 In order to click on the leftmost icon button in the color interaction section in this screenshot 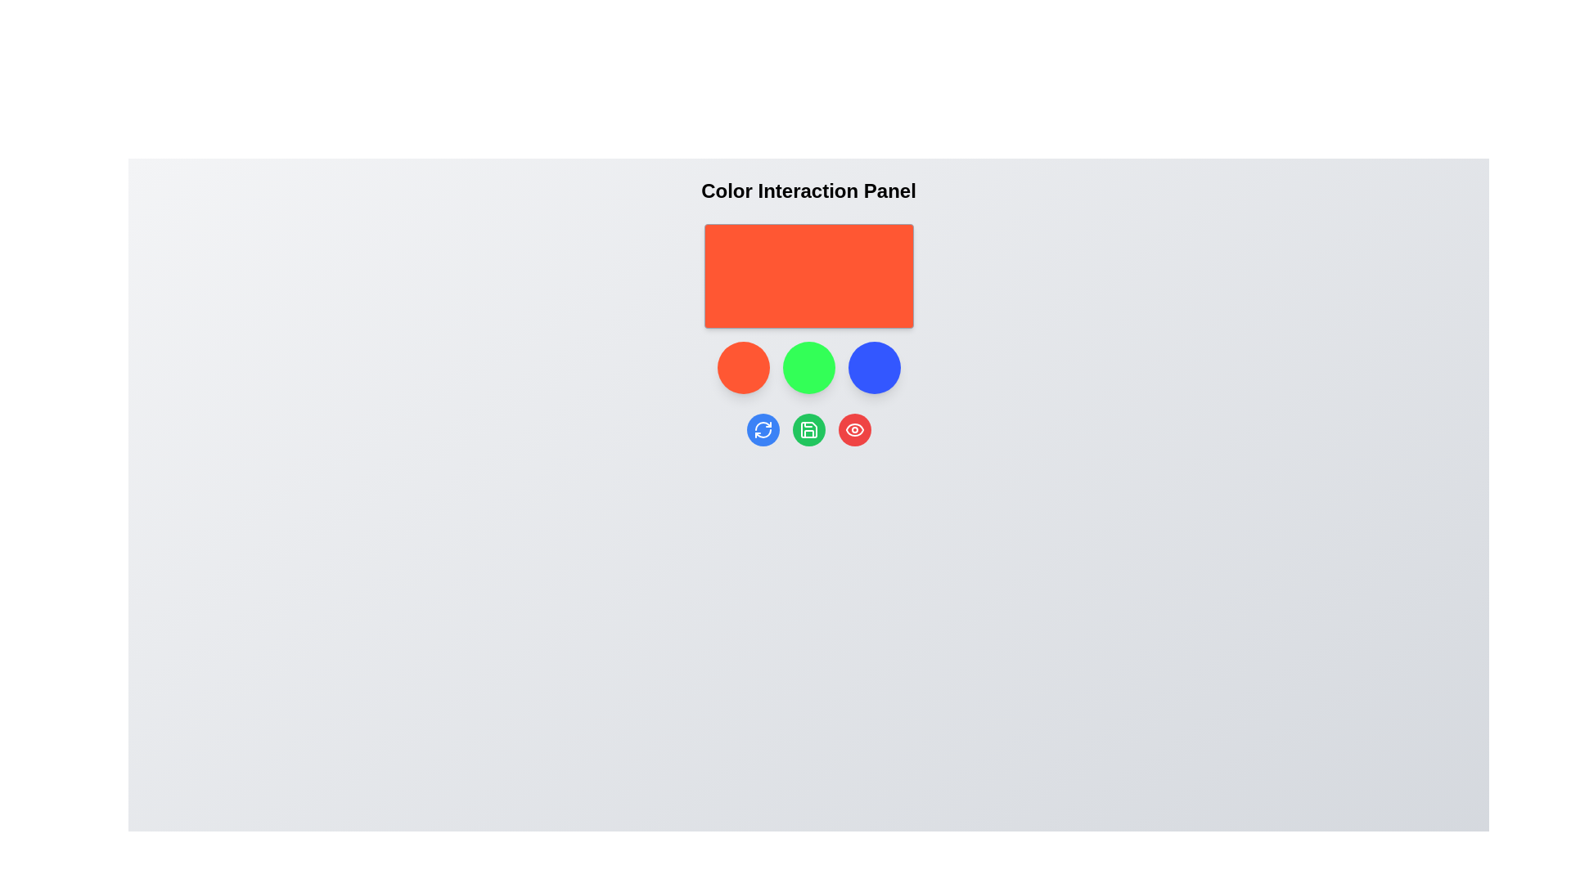, I will do `click(762, 428)`.